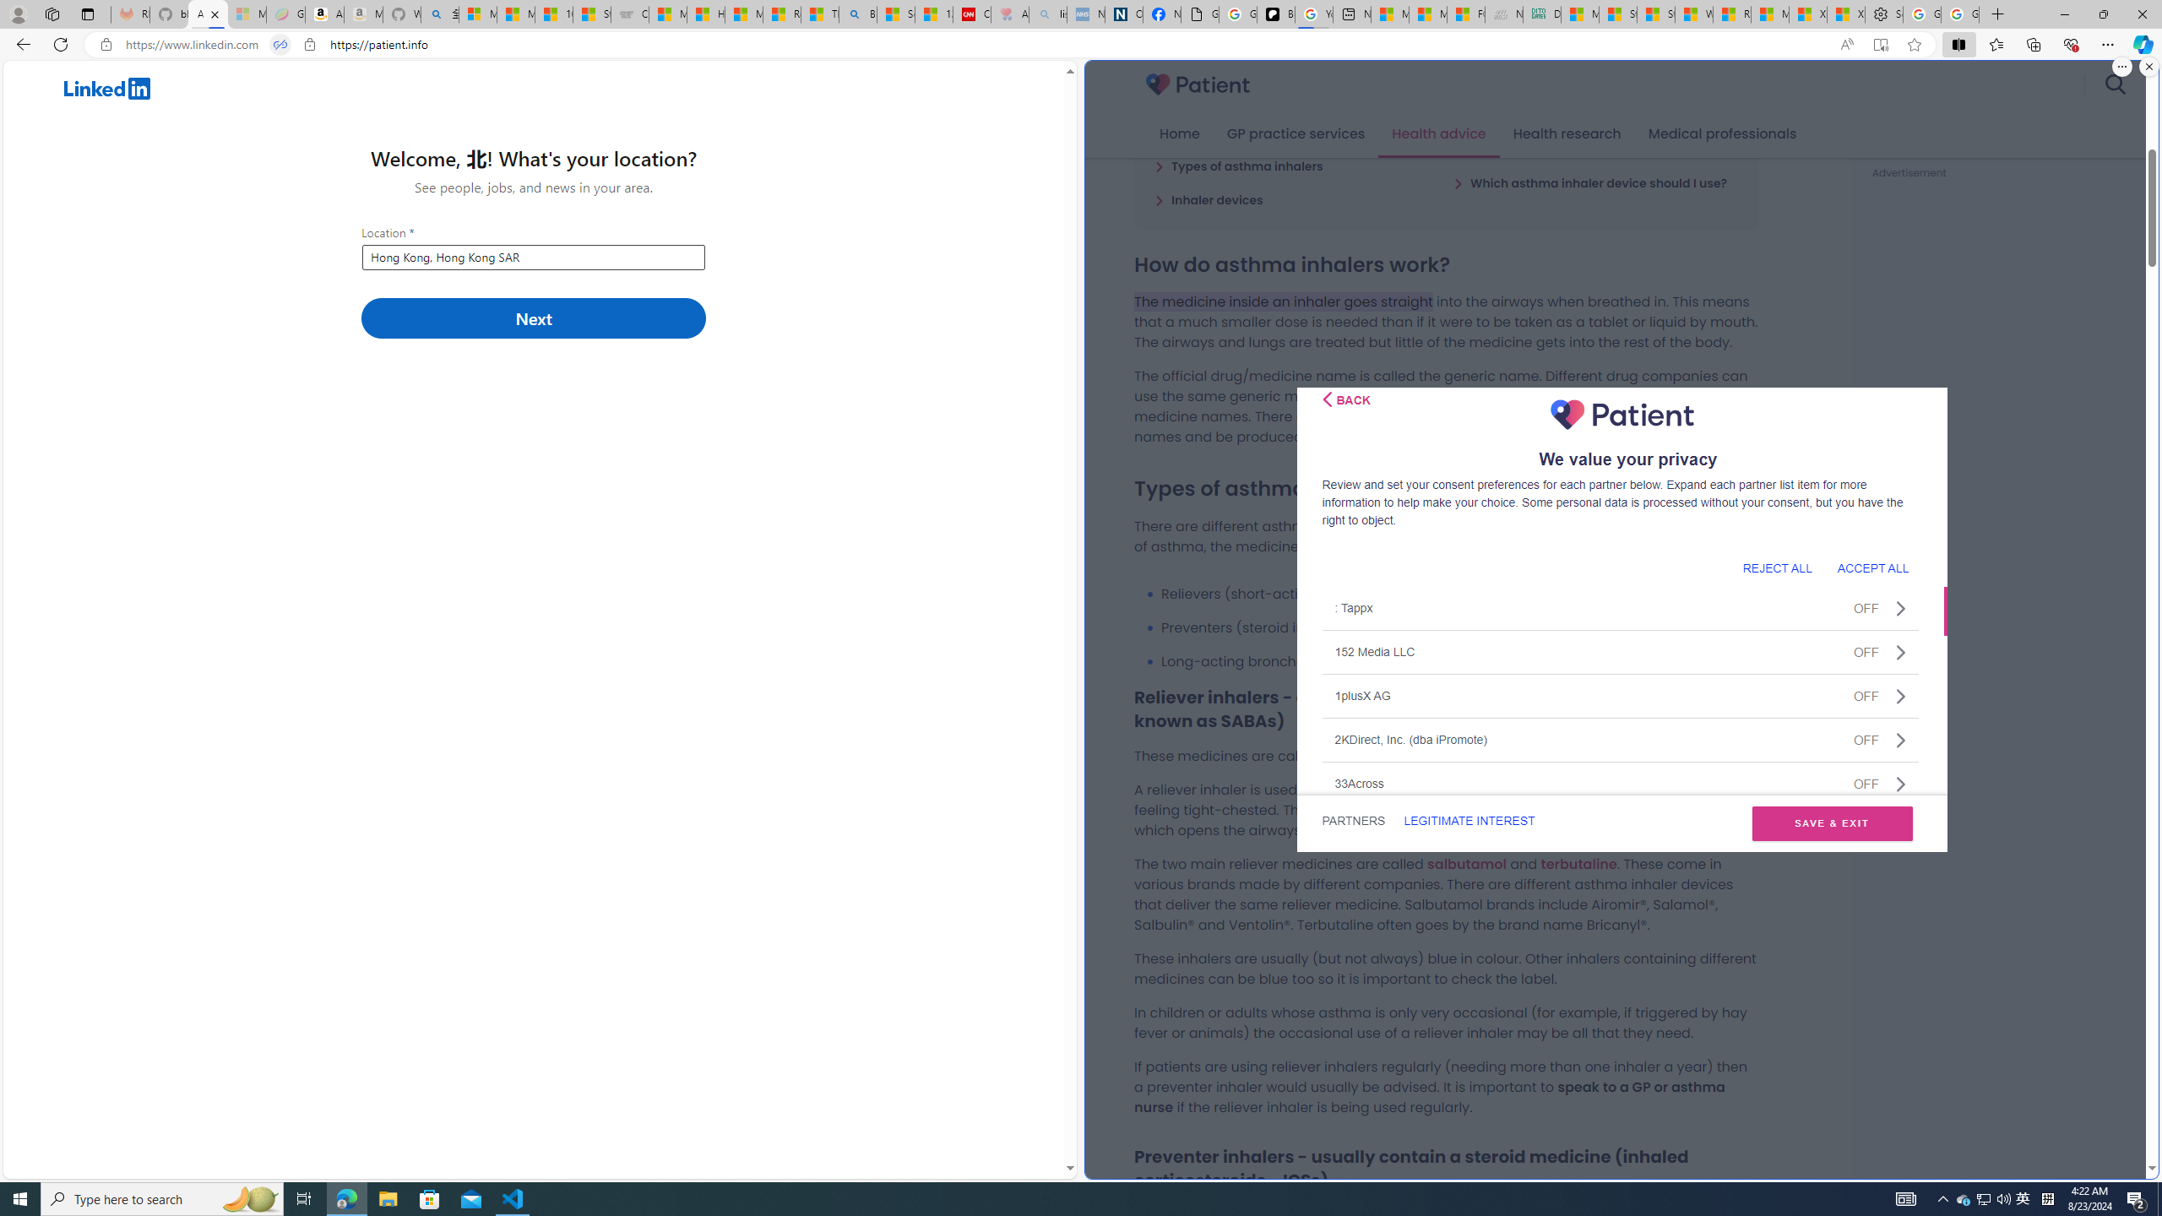  Describe the element at coordinates (1577, 863) in the screenshot. I see `'terbutaline'` at that location.